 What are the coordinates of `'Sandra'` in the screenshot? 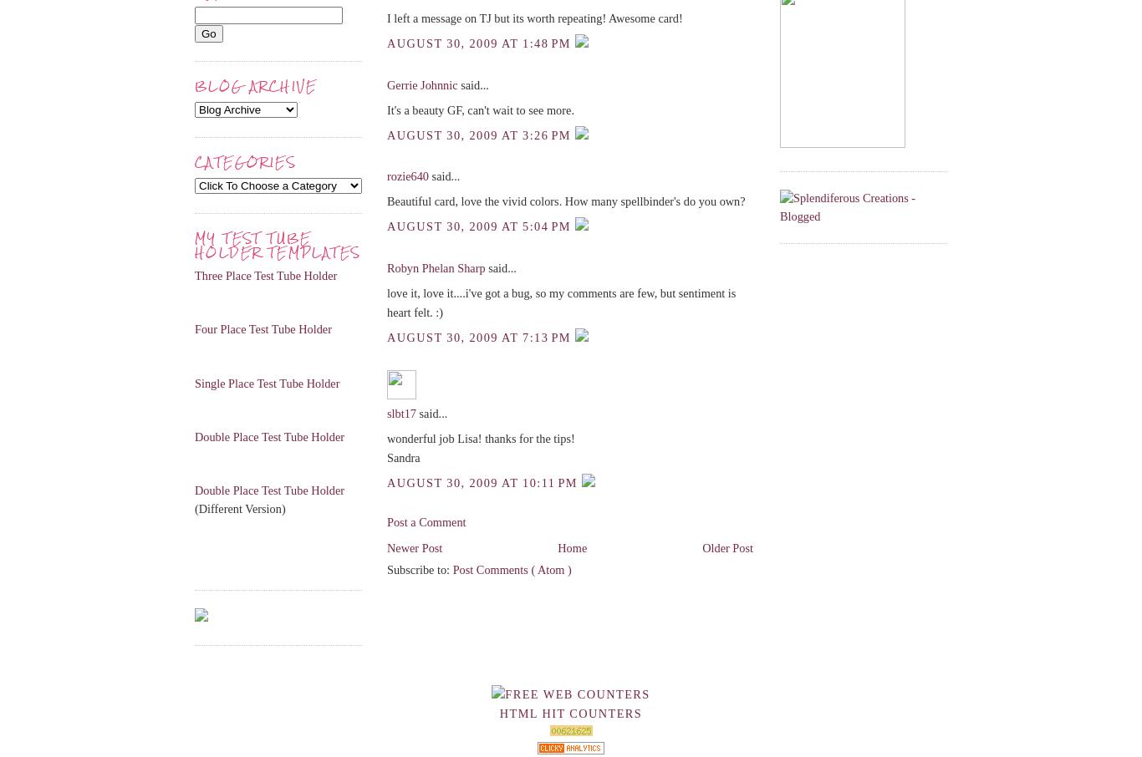 It's located at (403, 457).